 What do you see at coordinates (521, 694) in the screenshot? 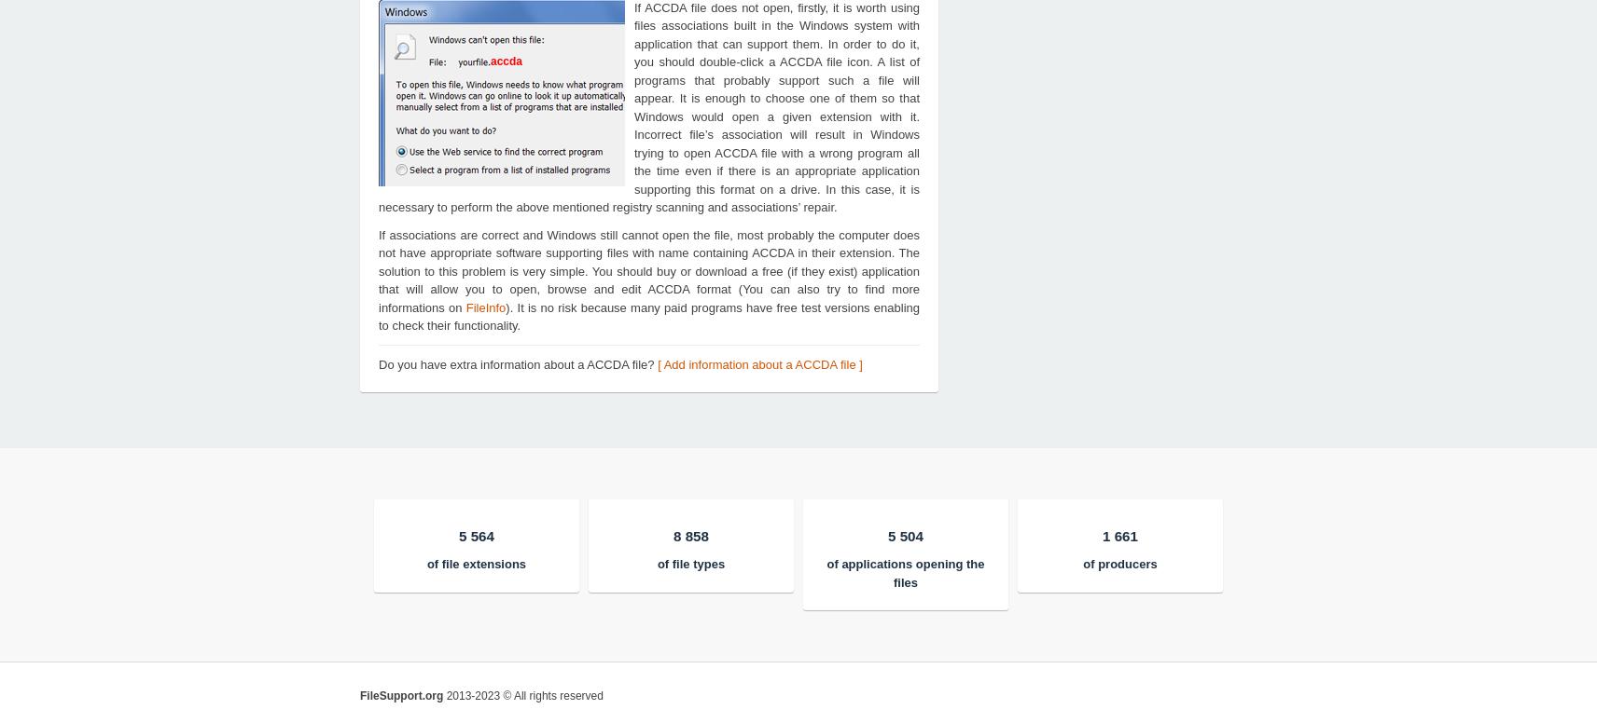
I see `'2013-2023 © All rights reserved'` at bounding box center [521, 694].